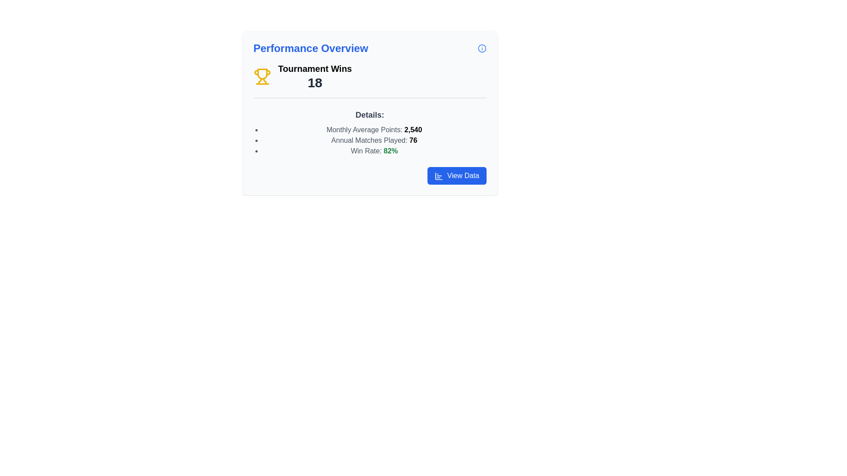  Describe the element at coordinates (262, 76) in the screenshot. I see `the award icon representing tournament wins, located to the left of the 'Tournament Wins' text and above the numeric indicator '18' in the 'Performance Overview' card` at that location.